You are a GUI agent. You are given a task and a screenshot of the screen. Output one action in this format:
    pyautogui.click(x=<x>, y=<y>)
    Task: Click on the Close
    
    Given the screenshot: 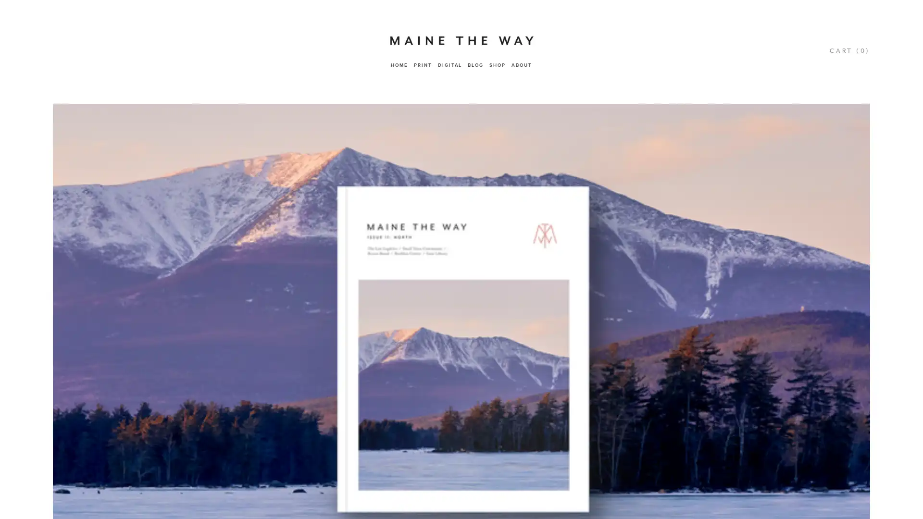 What is the action you would take?
    pyautogui.click(x=875, y=303)
    